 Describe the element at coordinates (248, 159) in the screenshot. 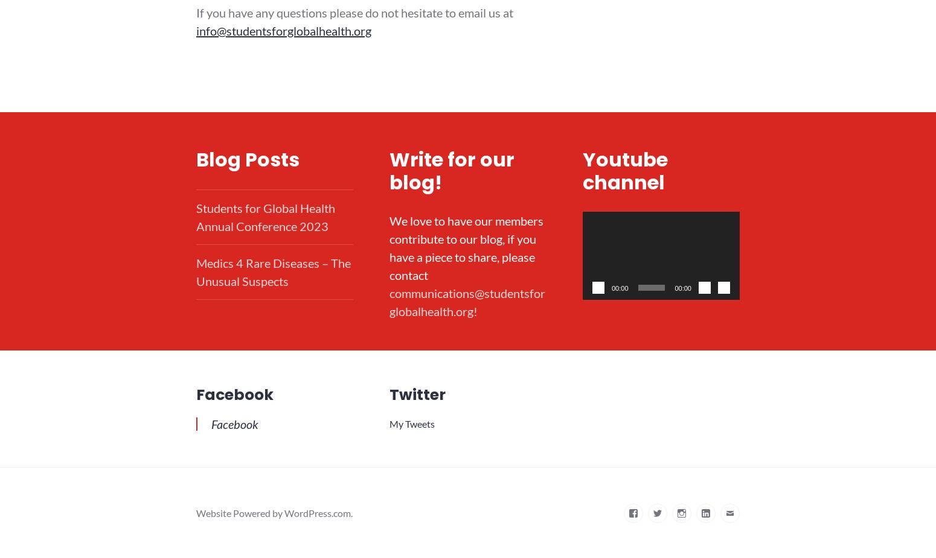

I see `'Blog Posts'` at that location.